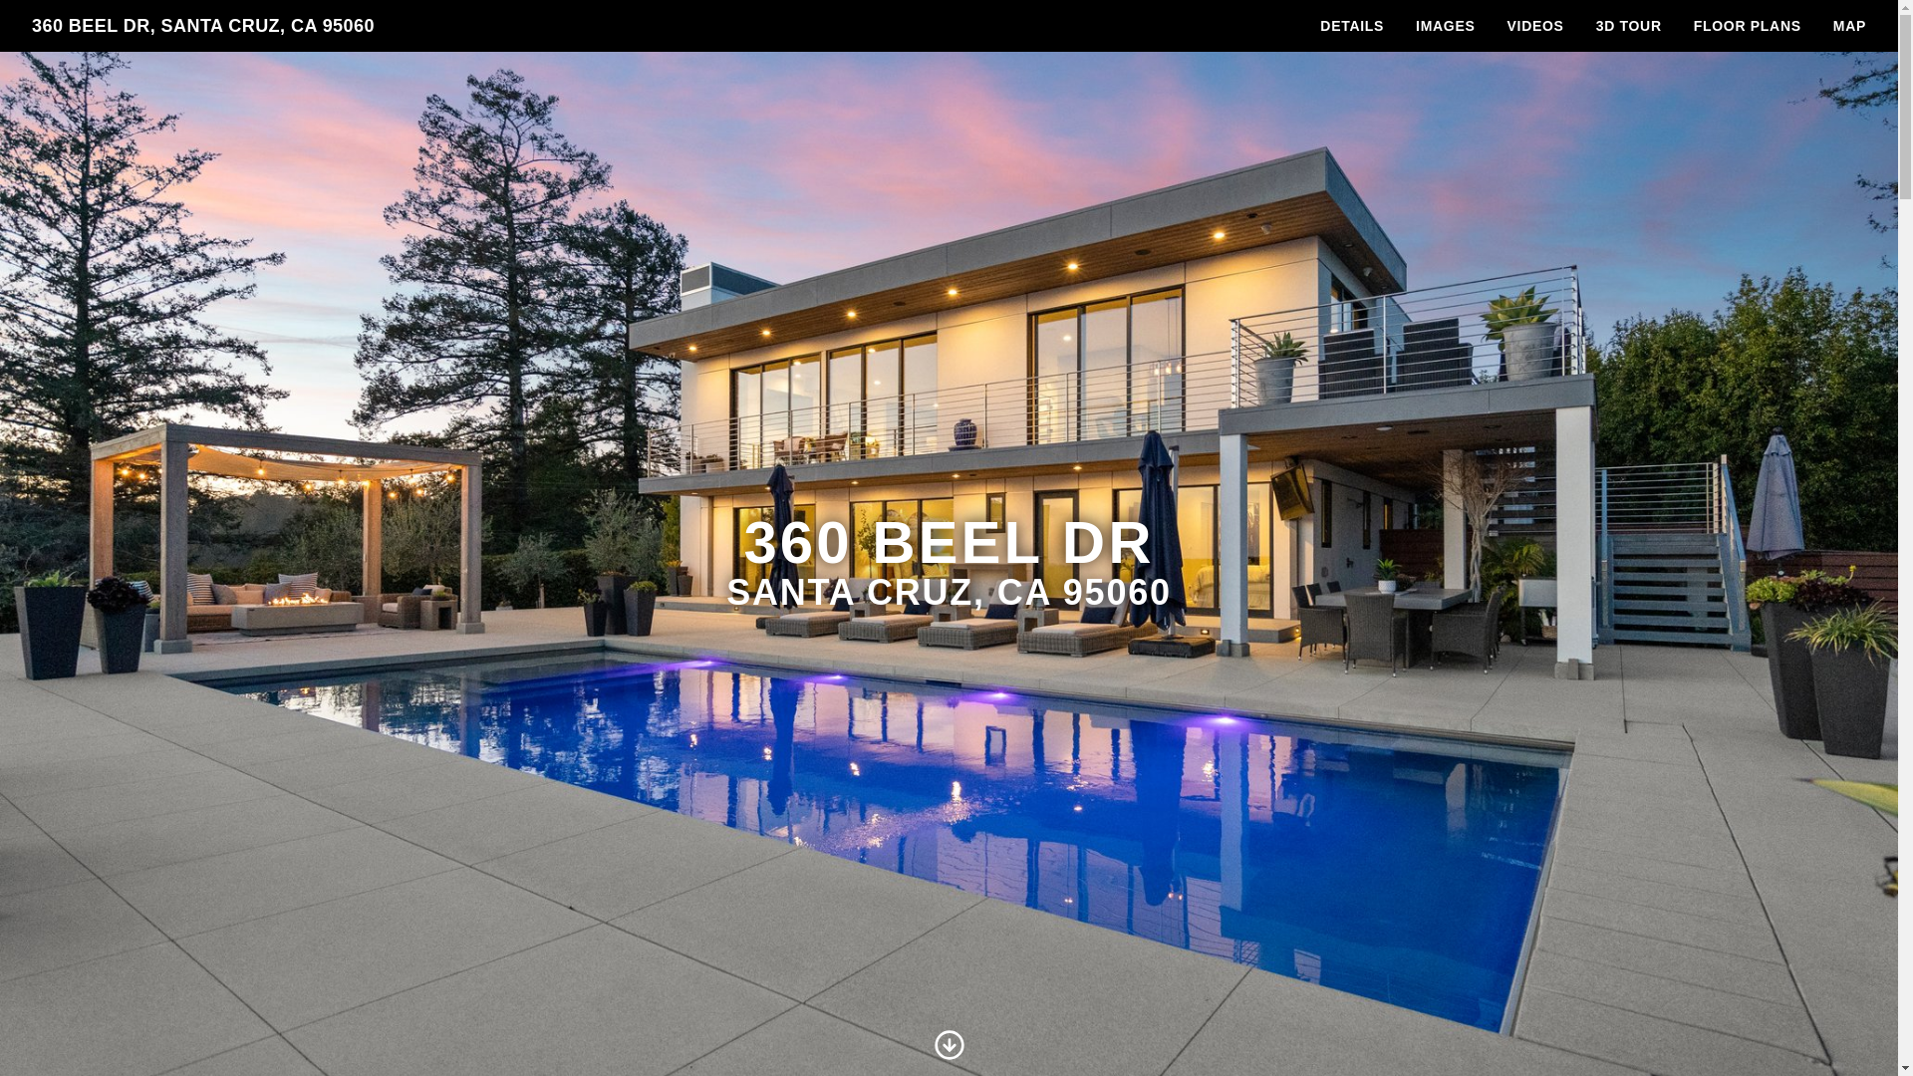 The image size is (1913, 1076). What do you see at coordinates (1848, 26) in the screenshot?
I see `'MAP'` at bounding box center [1848, 26].